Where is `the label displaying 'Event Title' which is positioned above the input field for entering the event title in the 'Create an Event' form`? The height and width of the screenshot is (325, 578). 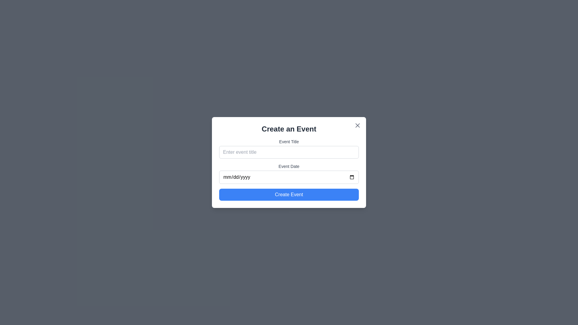
the label displaying 'Event Title' which is positioned above the input field for entering the event title in the 'Create an Event' form is located at coordinates (289, 141).